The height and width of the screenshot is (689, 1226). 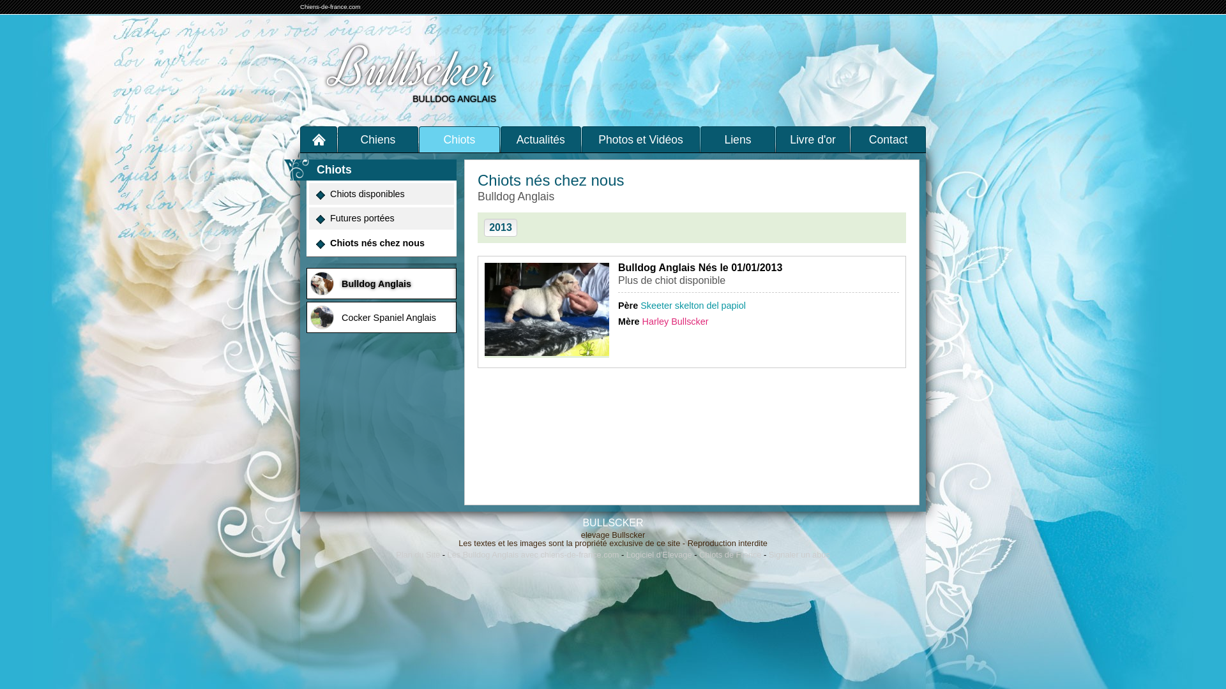 What do you see at coordinates (381, 194) in the screenshot?
I see `'Chiots disponibles'` at bounding box center [381, 194].